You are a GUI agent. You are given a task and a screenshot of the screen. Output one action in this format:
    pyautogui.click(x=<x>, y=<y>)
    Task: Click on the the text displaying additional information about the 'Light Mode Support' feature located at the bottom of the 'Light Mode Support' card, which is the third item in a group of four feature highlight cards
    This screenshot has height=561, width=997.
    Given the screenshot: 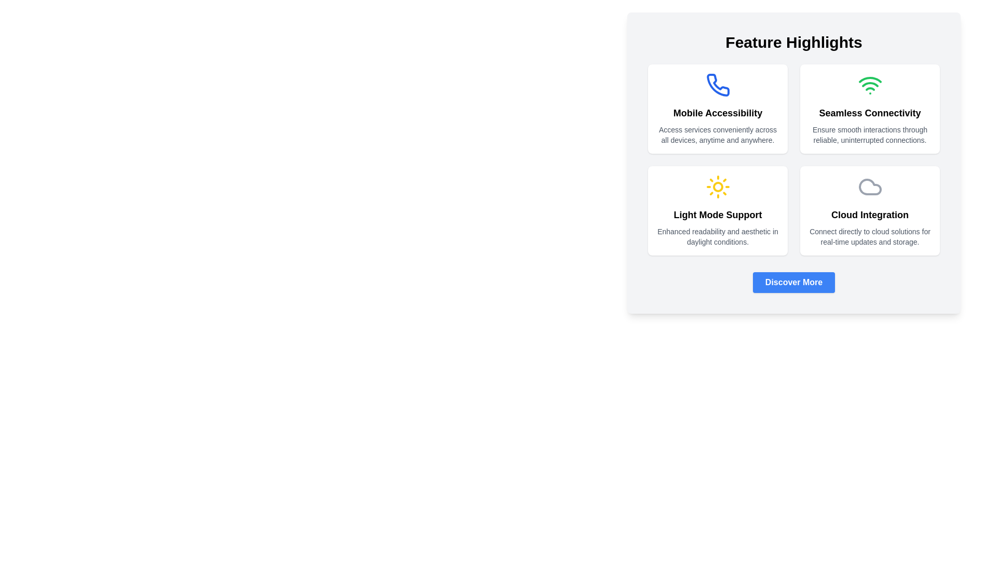 What is the action you would take?
    pyautogui.click(x=717, y=236)
    